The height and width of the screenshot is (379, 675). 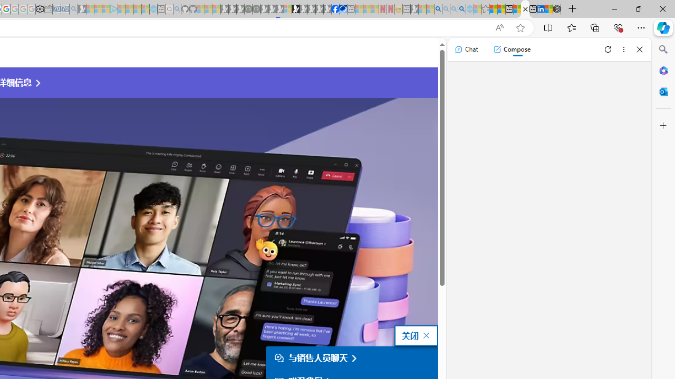 What do you see at coordinates (556, 9) in the screenshot?
I see `'Nordace - Summer Adventures 2024'` at bounding box center [556, 9].